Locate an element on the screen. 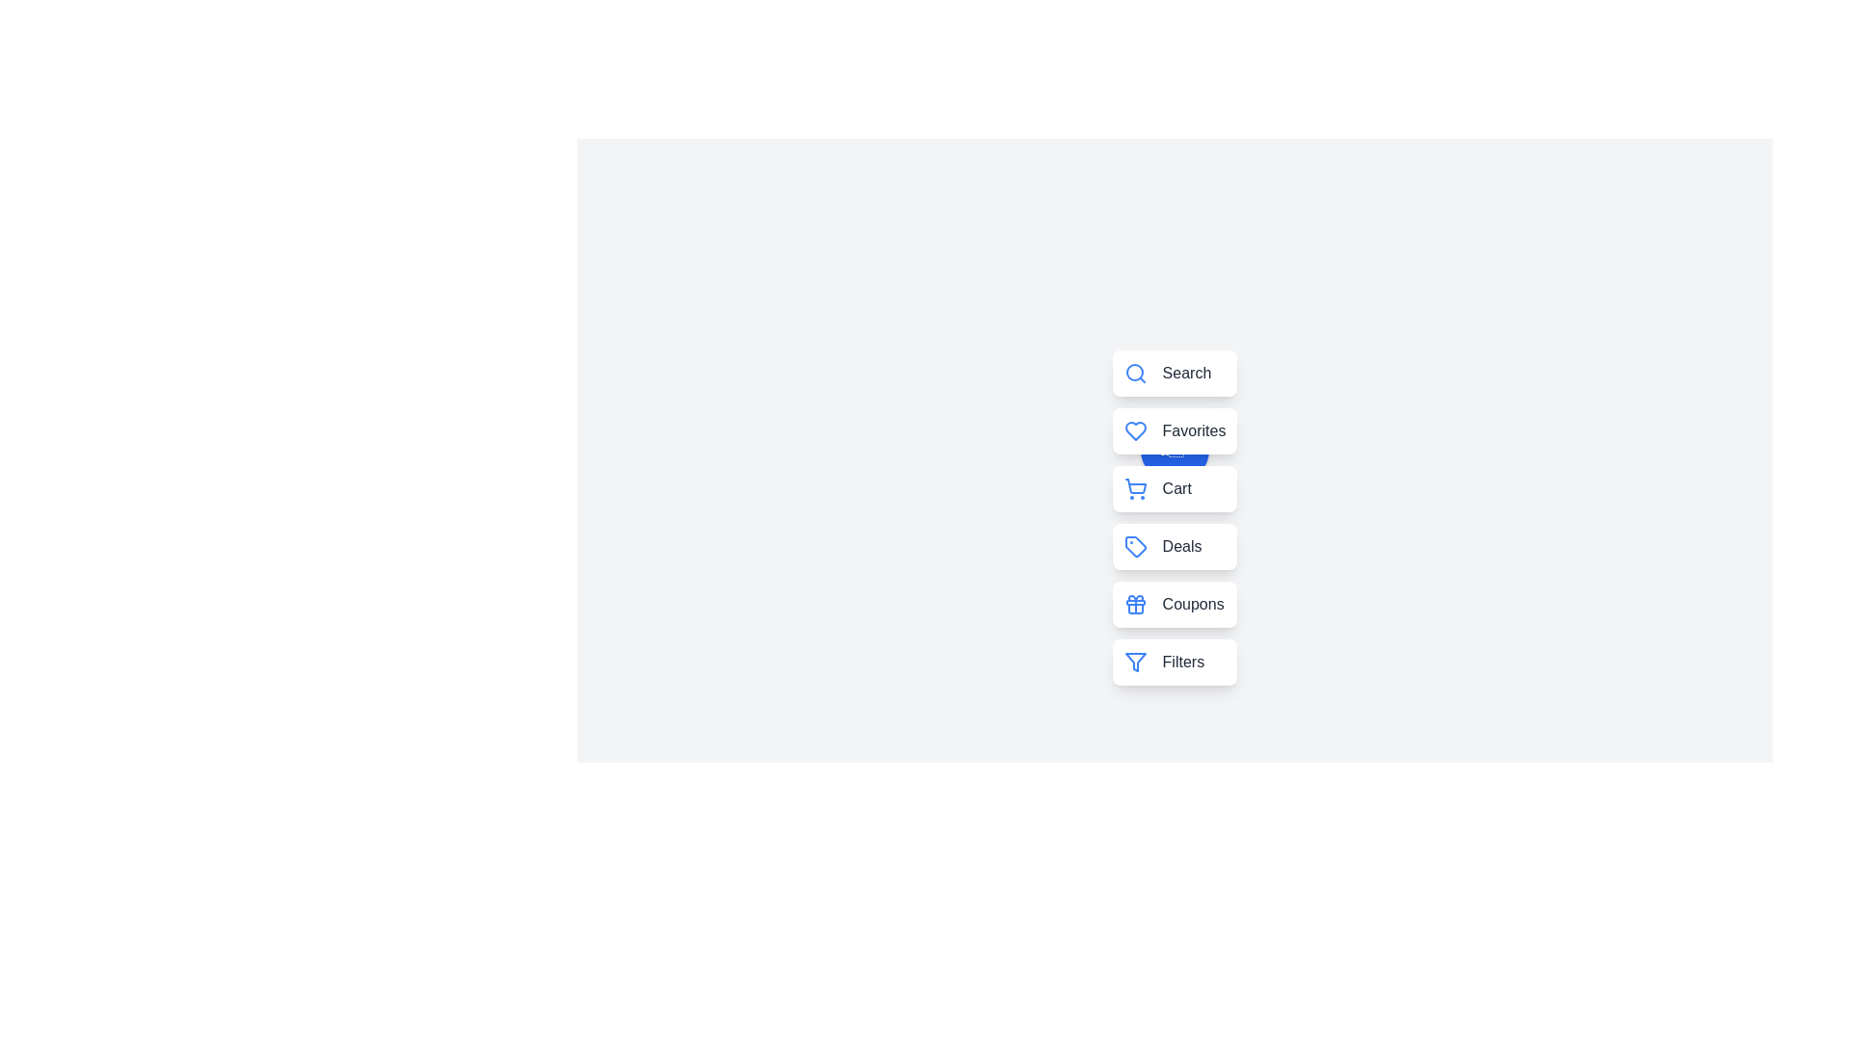 The height and width of the screenshot is (1040, 1850). the 'Filters' button, which is a rectangular button with a white background and a blue funnel icon on the left side, located at the bottom of a vertical stack of similar buttons in the right center of the interface is located at coordinates (1174, 661).